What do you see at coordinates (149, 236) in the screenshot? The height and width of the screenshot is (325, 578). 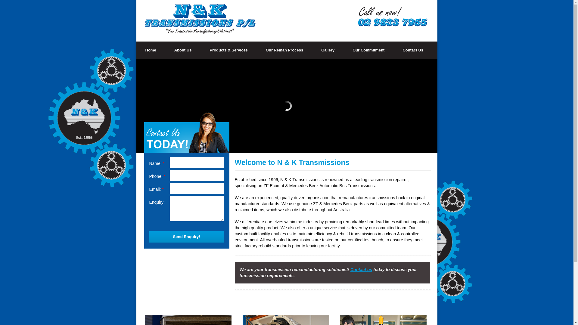 I see `'Send Enquiry!'` at bounding box center [149, 236].